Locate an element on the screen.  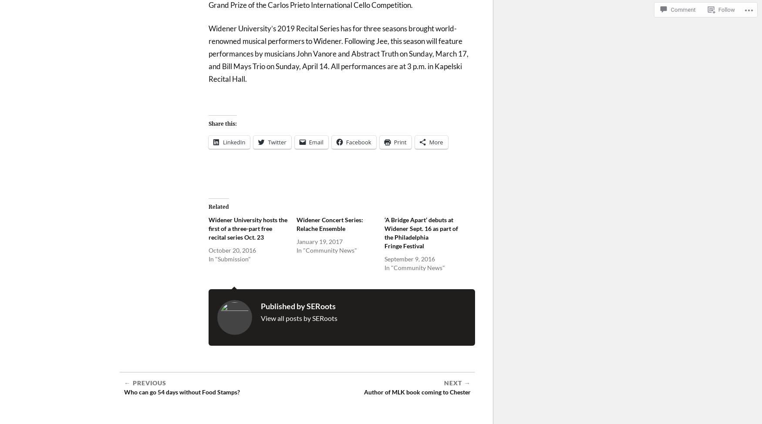
'Share this:' is located at coordinates (222, 123).